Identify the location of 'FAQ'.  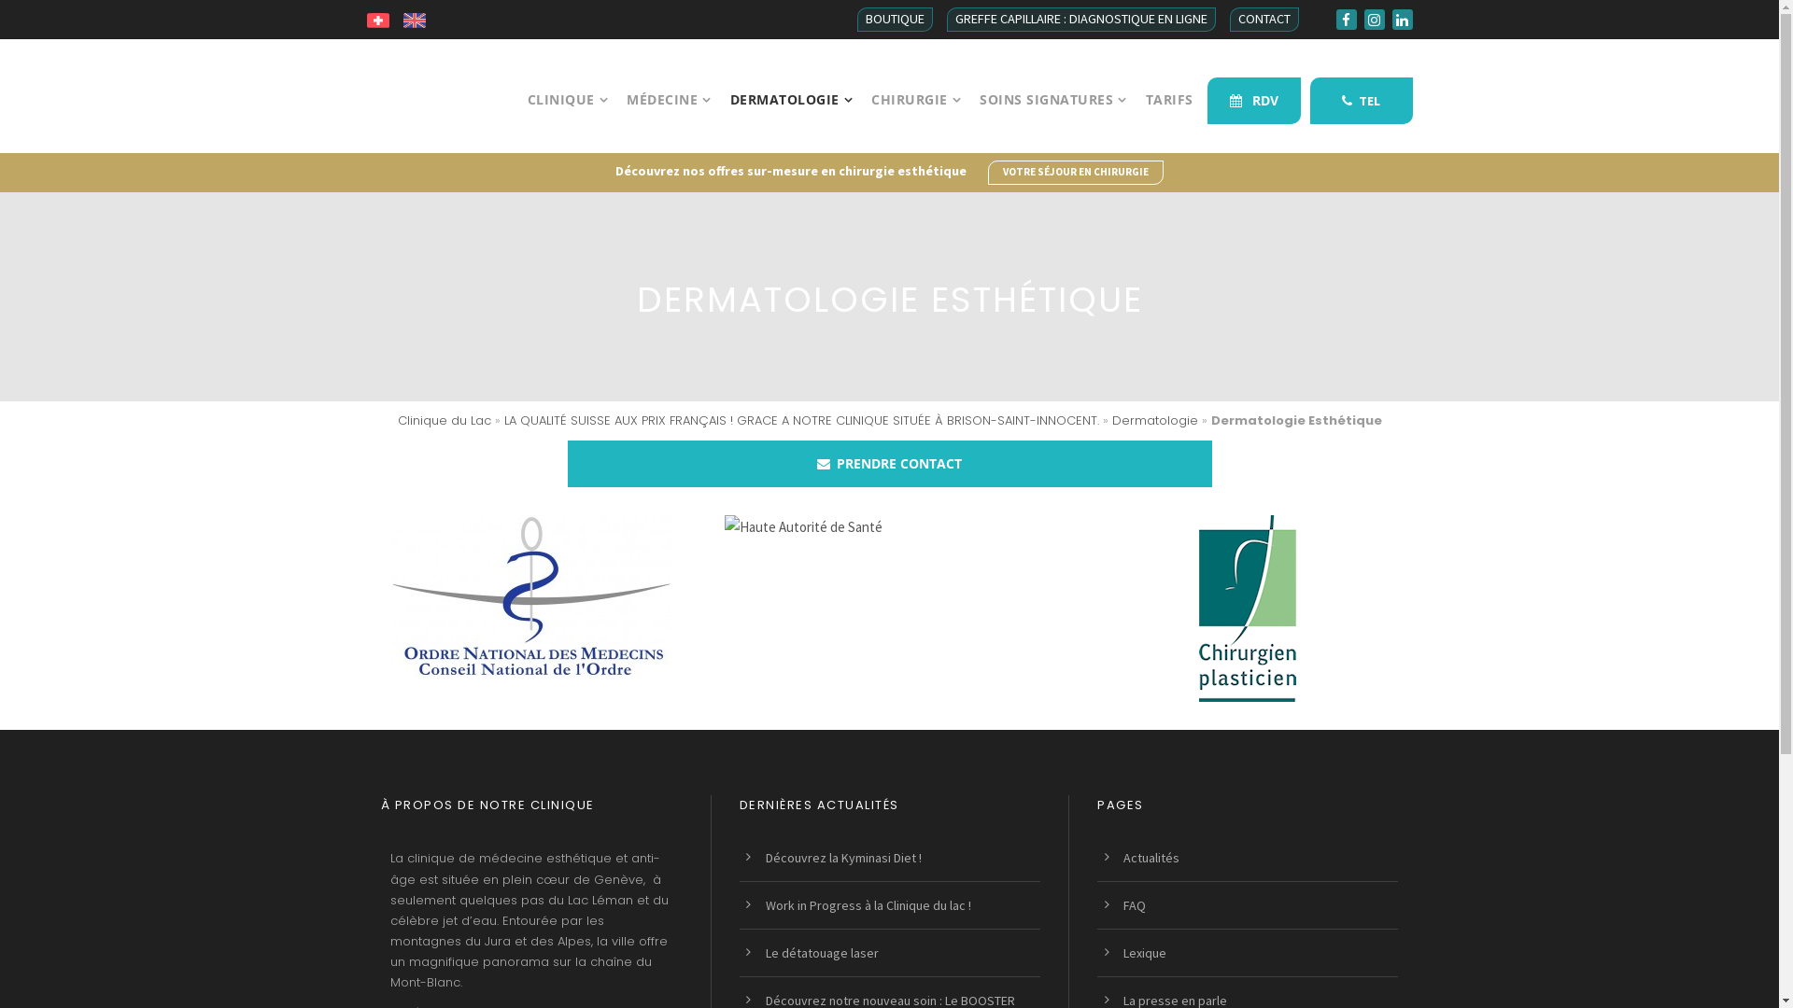
(1133, 903).